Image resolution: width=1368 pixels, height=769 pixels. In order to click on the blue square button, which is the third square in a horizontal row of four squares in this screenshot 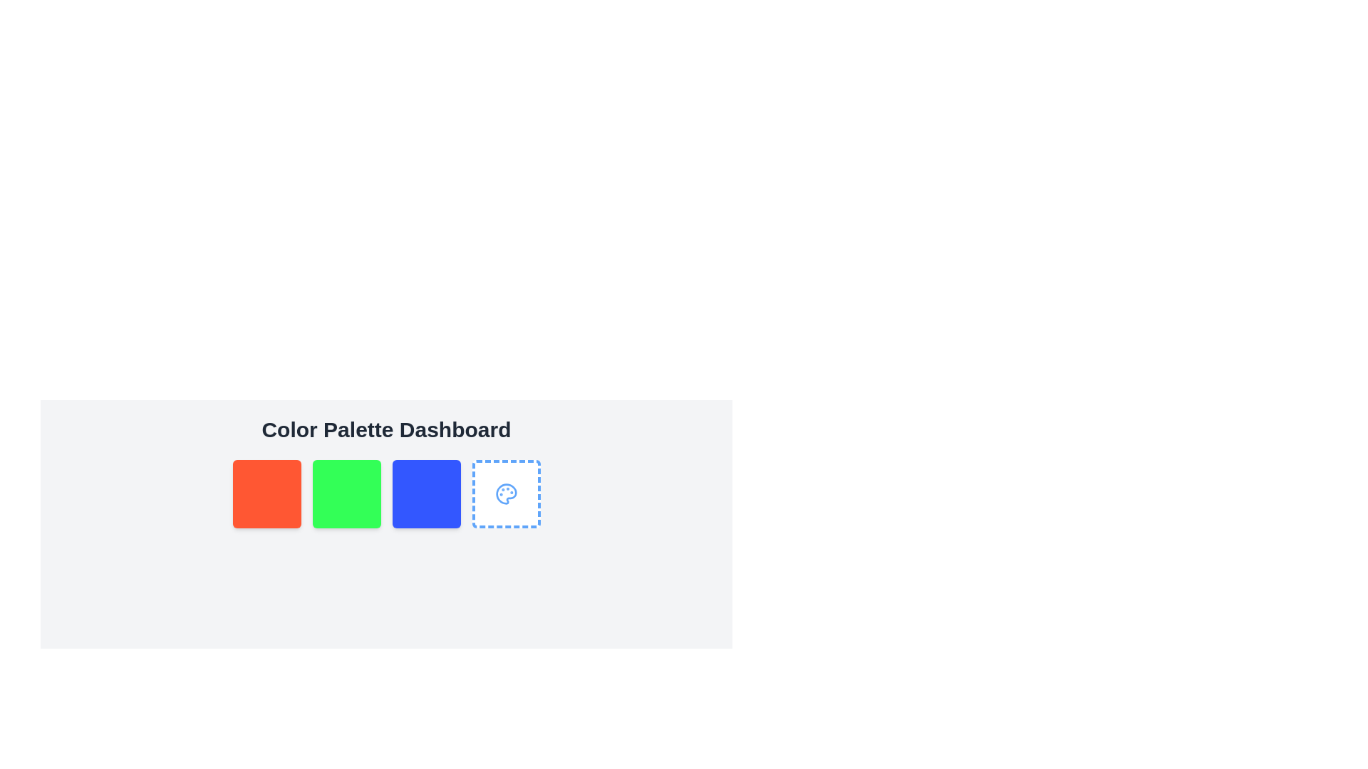, I will do `click(425, 493)`.